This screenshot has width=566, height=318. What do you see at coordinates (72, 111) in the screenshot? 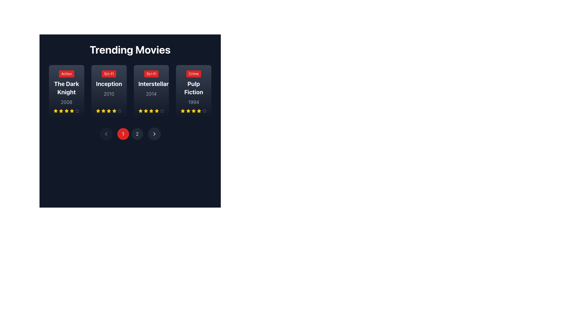
I see `the fifth yellow star icon in the rating system for 'The Dark Knight' using keyboard shortcuts if accessible` at bounding box center [72, 111].